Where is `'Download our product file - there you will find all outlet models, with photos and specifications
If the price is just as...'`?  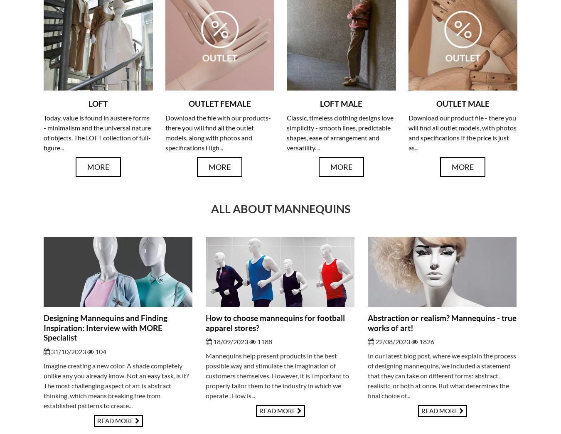 'Download our product file - there you will find all outlet models, with photos and specifications
If the price is just as...' is located at coordinates (462, 132).